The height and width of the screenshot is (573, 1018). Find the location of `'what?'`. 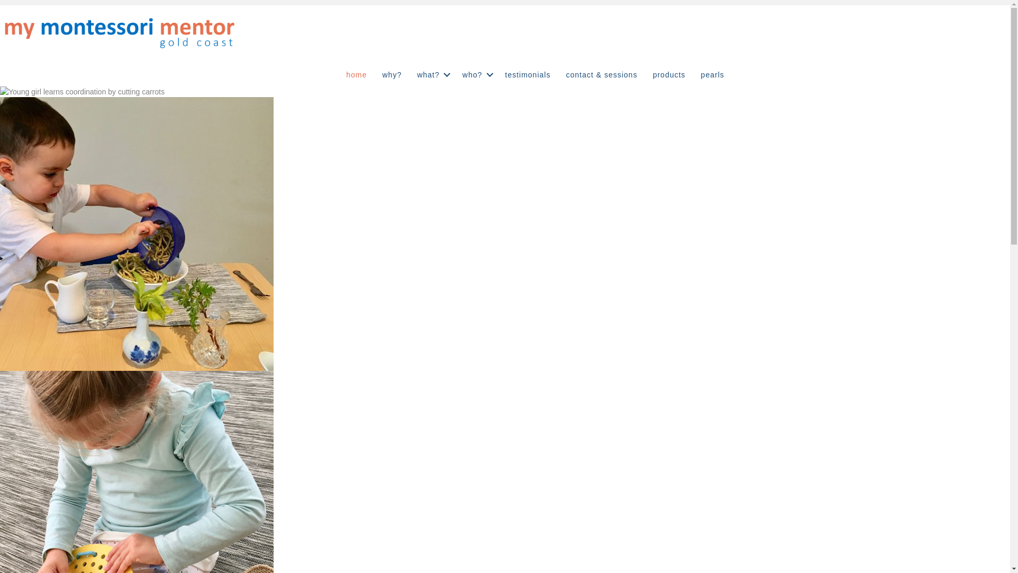

'what?' is located at coordinates (432, 74).